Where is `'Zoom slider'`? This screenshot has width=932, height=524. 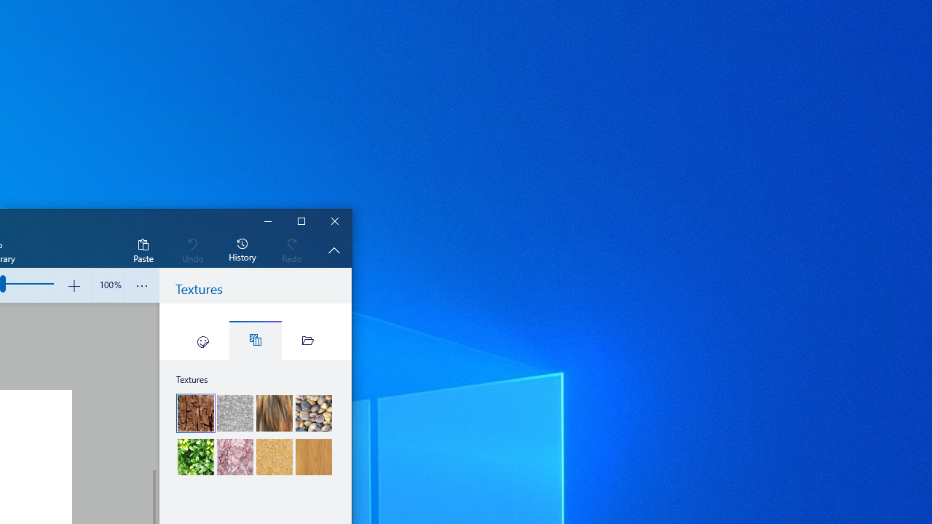 'Zoom slider' is located at coordinates (107, 285).